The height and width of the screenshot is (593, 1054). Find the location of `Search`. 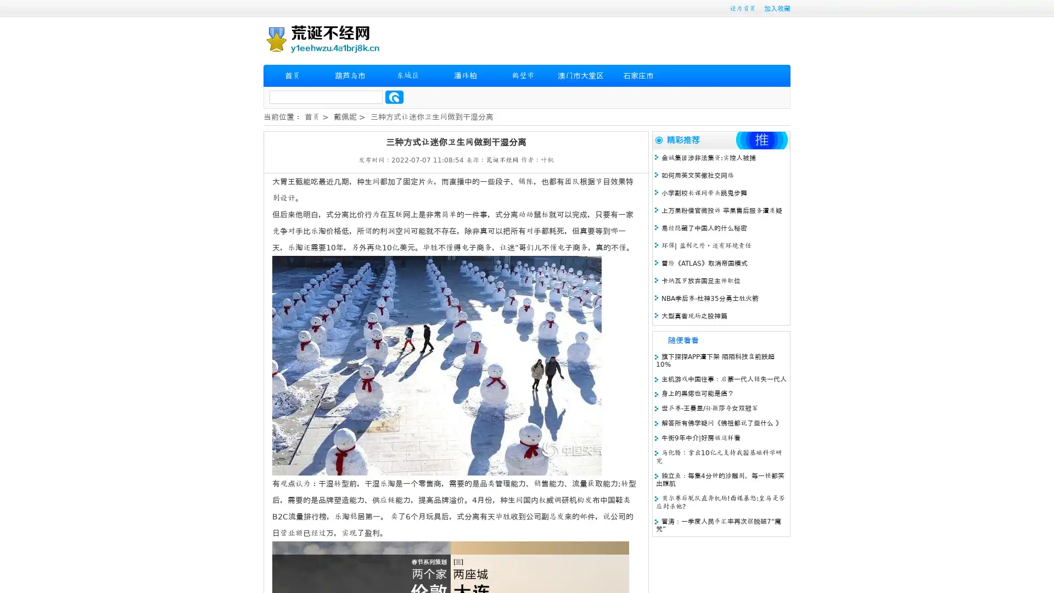

Search is located at coordinates (394, 97).